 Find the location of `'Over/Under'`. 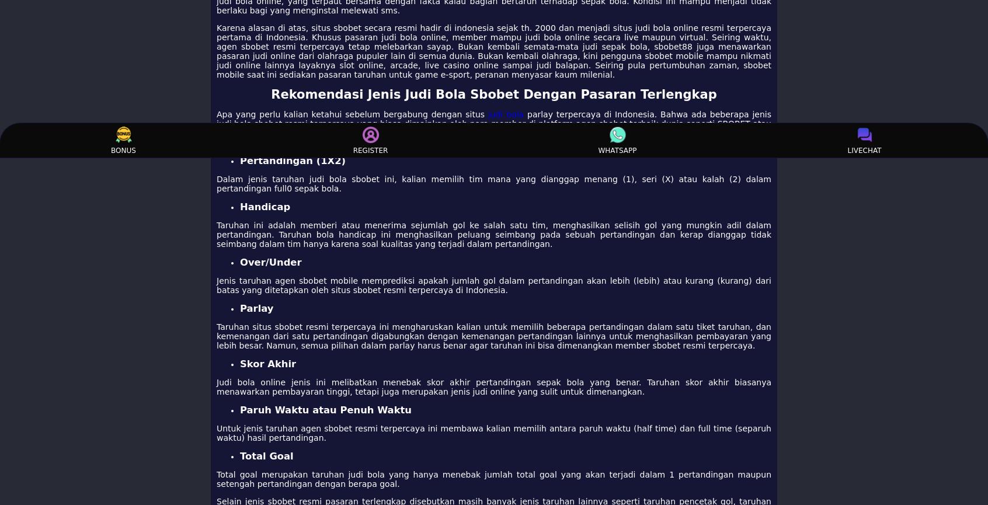

'Over/Under' is located at coordinates (270, 262).